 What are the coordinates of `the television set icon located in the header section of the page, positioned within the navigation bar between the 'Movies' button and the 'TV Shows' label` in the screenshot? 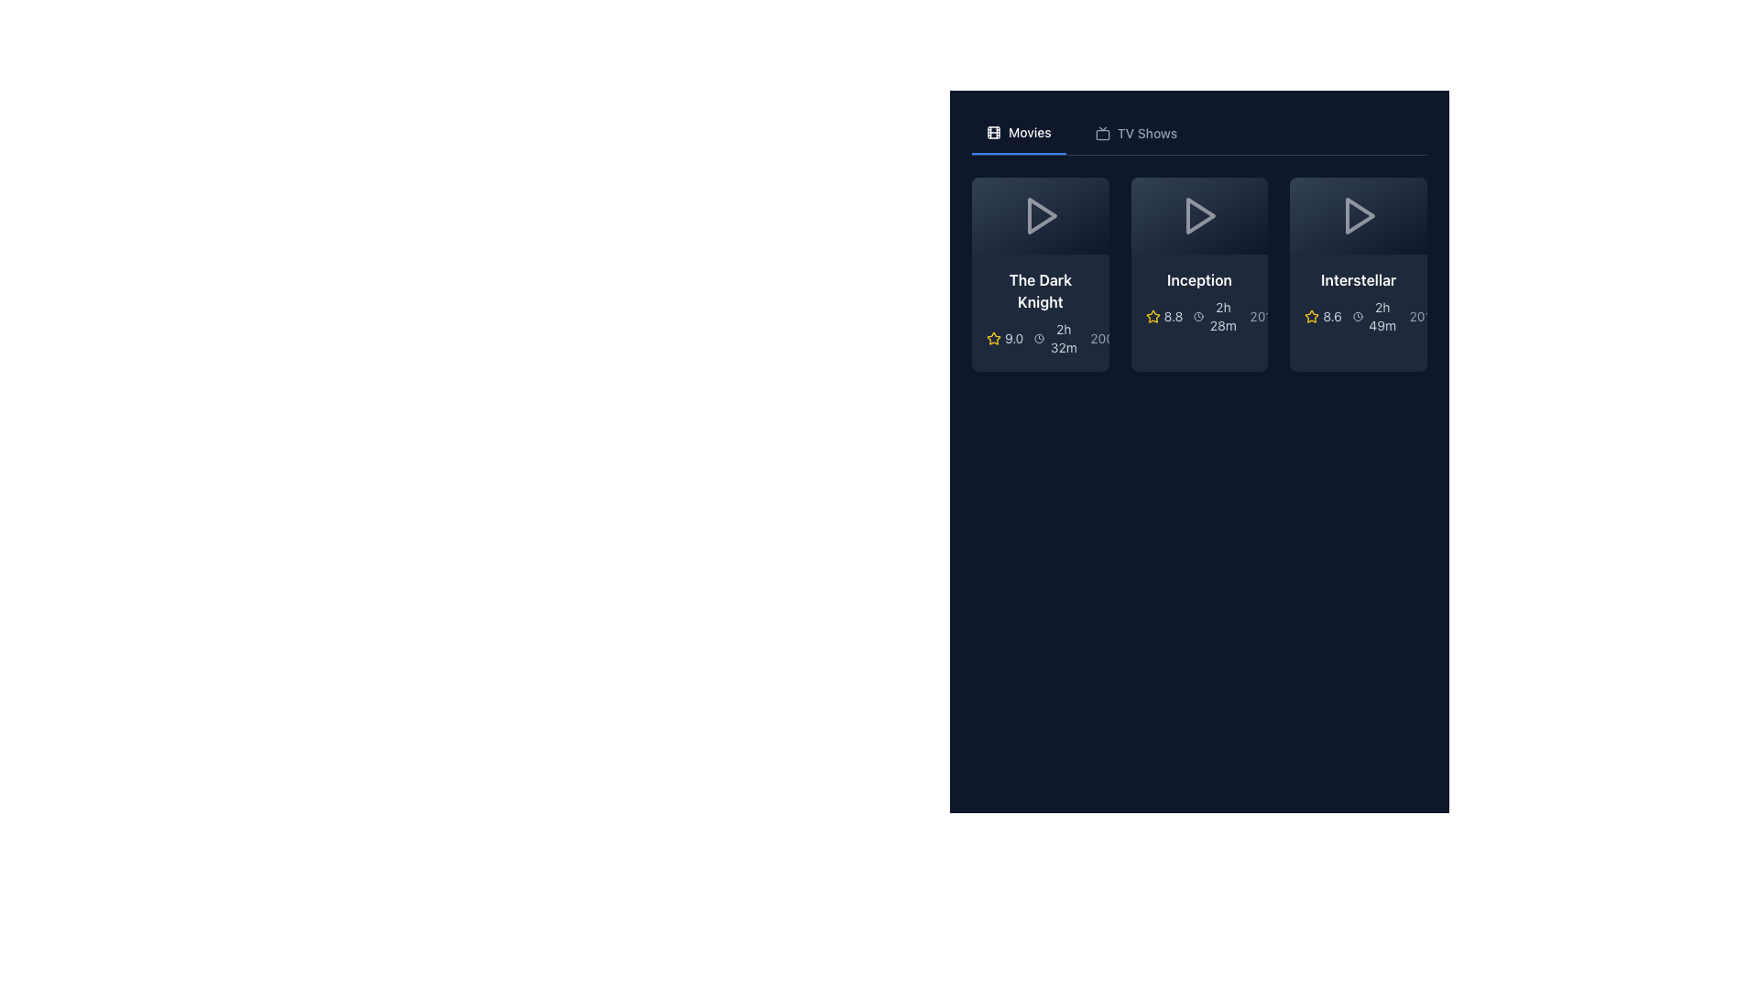 It's located at (1101, 133).